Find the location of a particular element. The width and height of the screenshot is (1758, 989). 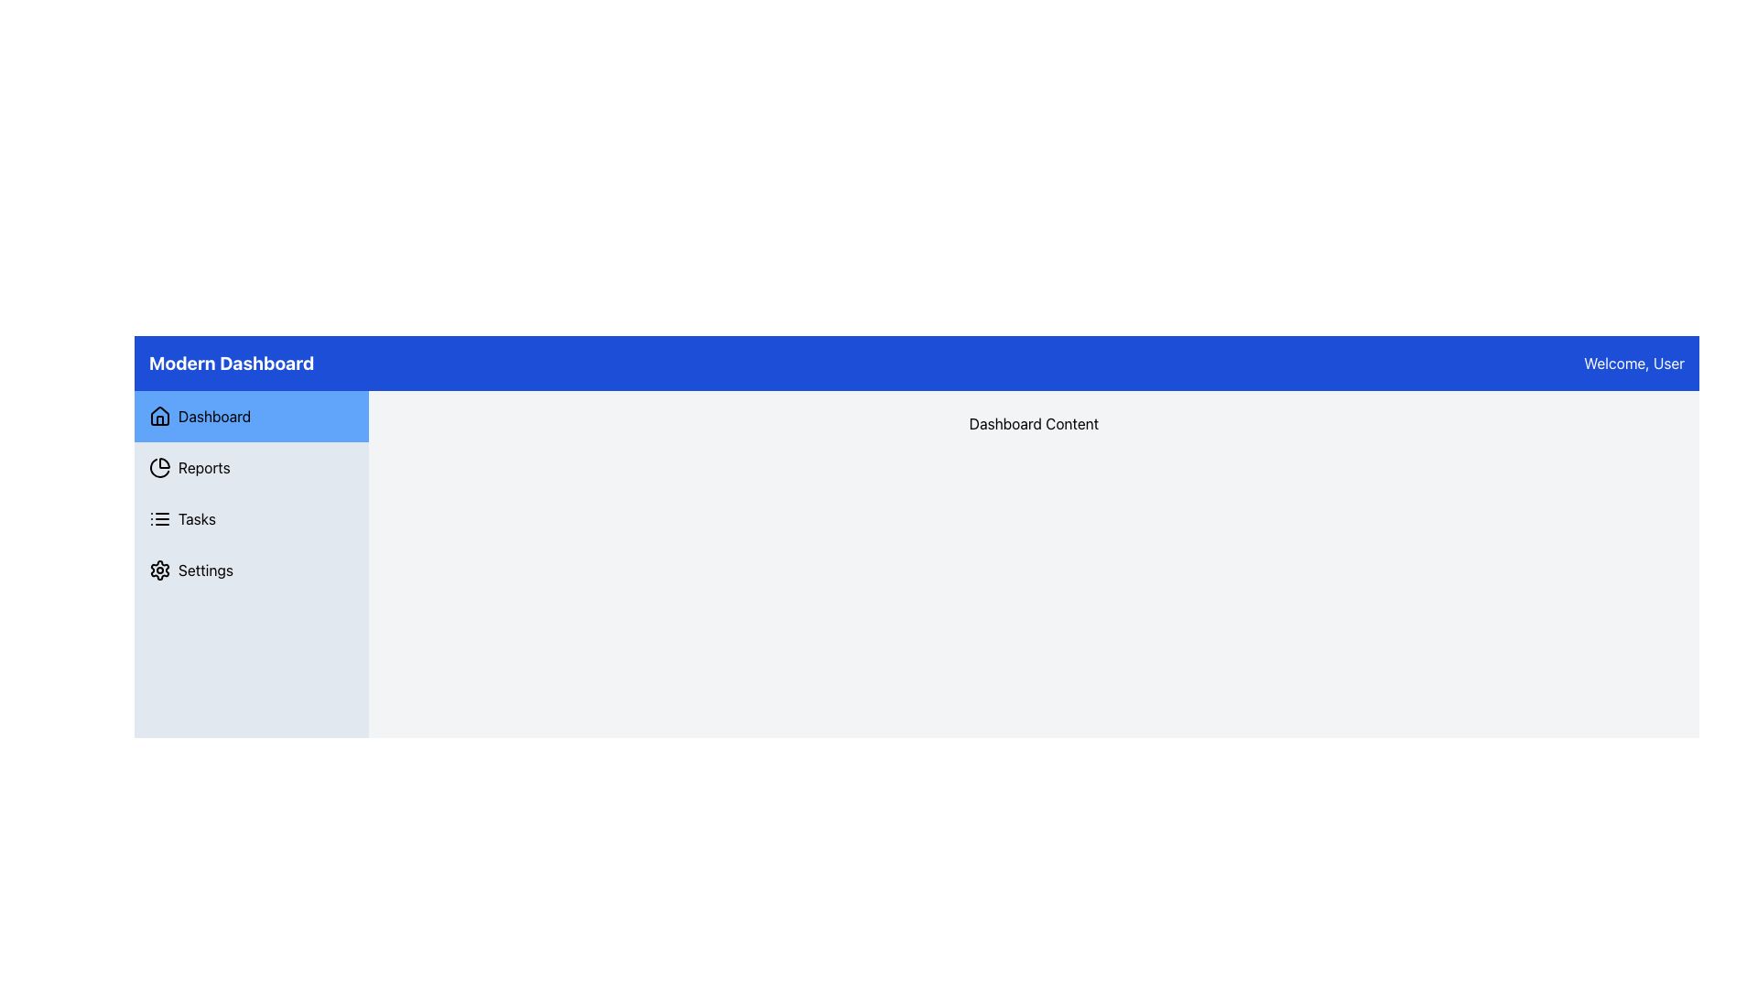

the third entry in the vertical navigation menu located directly below the 'Reports' menu item is located at coordinates (250, 519).